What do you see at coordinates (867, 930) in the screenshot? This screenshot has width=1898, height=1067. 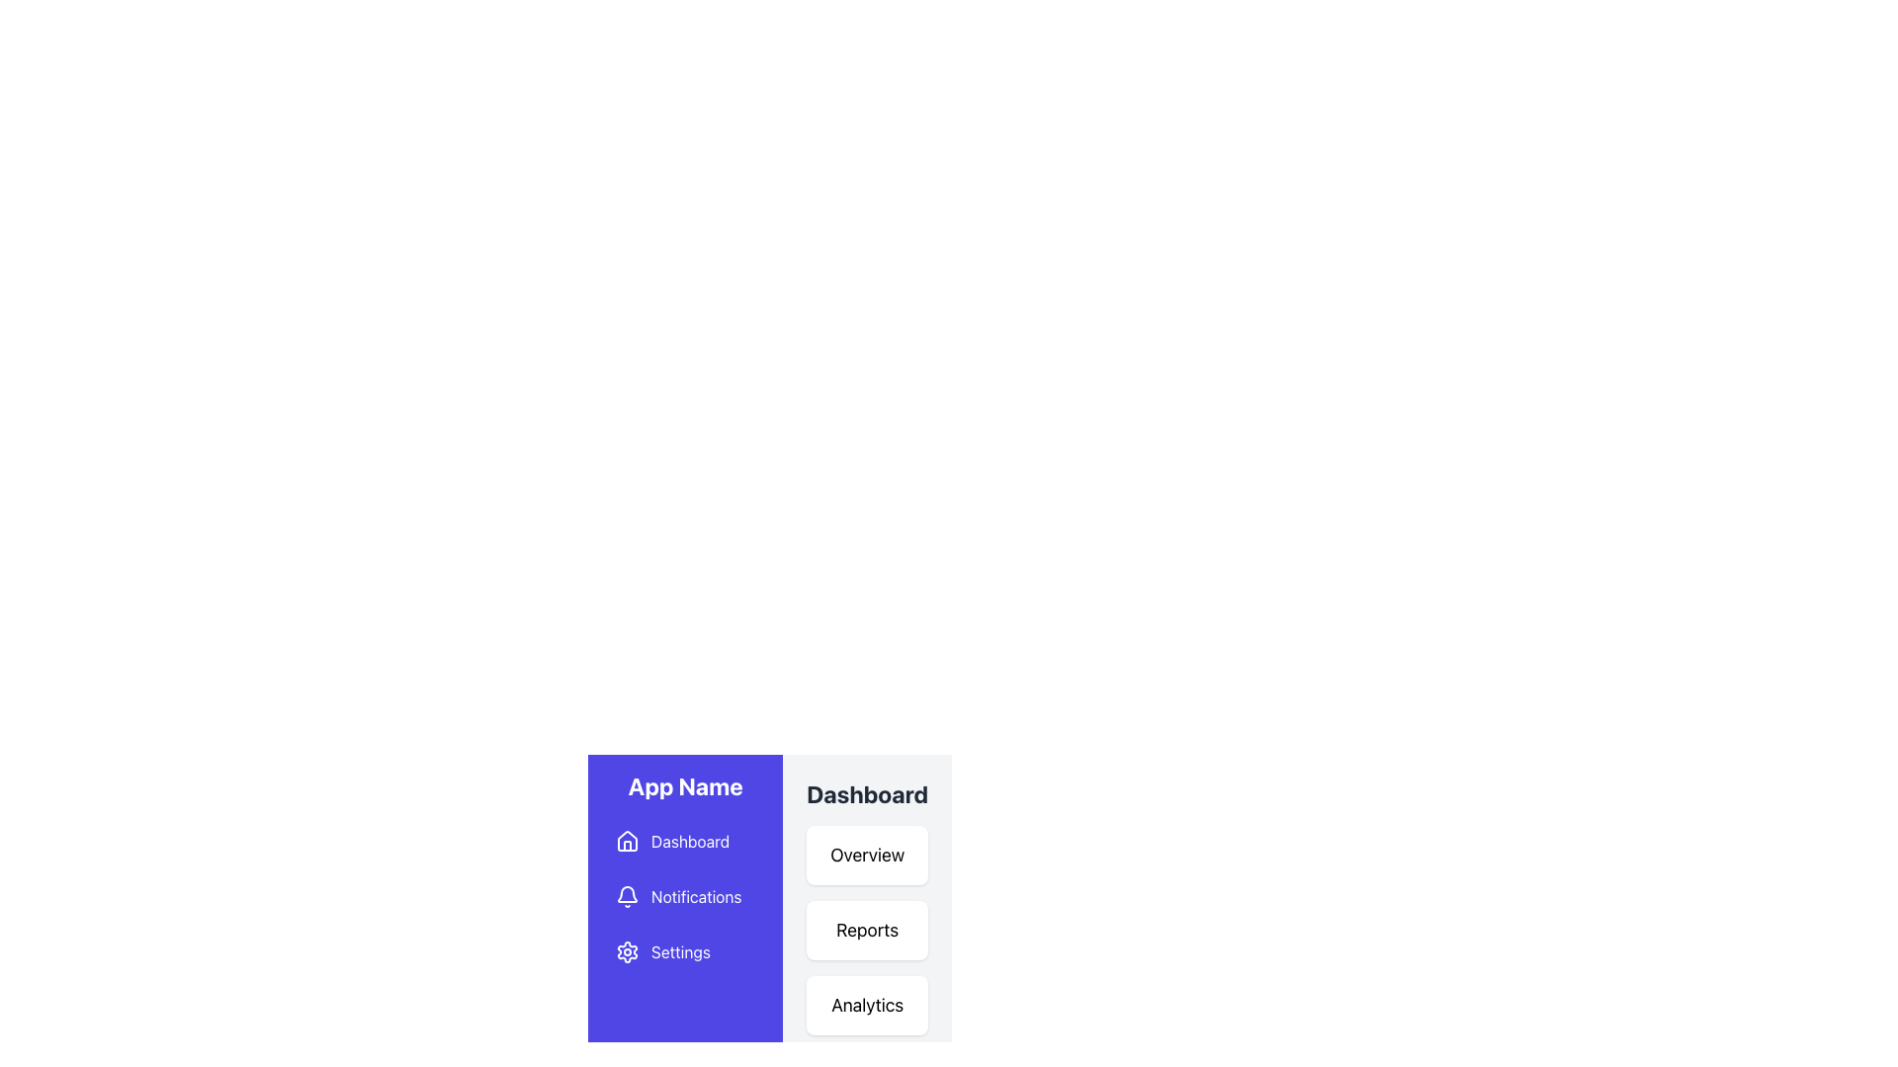 I see `the 'Reports' navigational button located within a card-style layout on the Dashboard section` at bounding box center [867, 930].